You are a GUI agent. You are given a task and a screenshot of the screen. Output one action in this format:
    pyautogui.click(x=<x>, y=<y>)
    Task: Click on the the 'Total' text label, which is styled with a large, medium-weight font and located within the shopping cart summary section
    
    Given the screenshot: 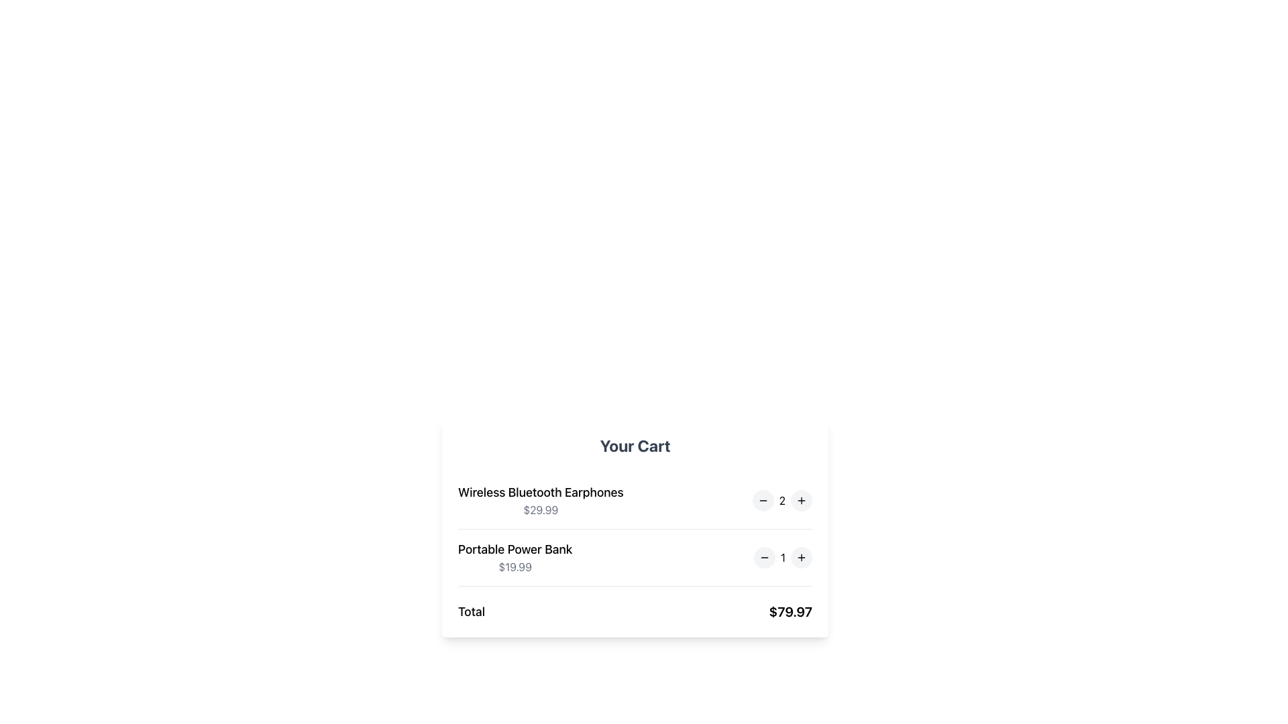 What is the action you would take?
    pyautogui.click(x=471, y=612)
    